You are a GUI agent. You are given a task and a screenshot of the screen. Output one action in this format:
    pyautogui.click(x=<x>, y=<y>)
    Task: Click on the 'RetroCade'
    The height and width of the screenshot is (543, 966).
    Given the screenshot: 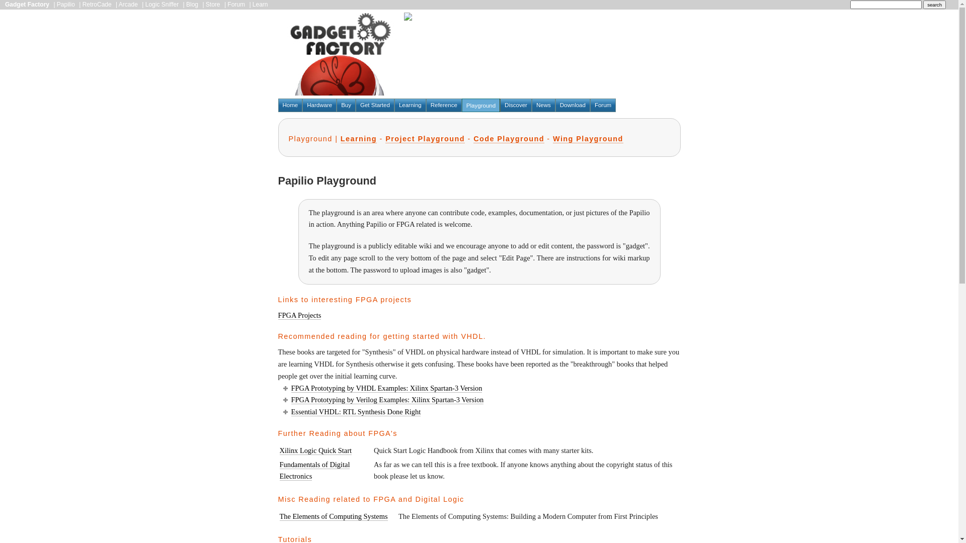 What is the action you would take?
    pyautogui.click(x=97, y=4)
    